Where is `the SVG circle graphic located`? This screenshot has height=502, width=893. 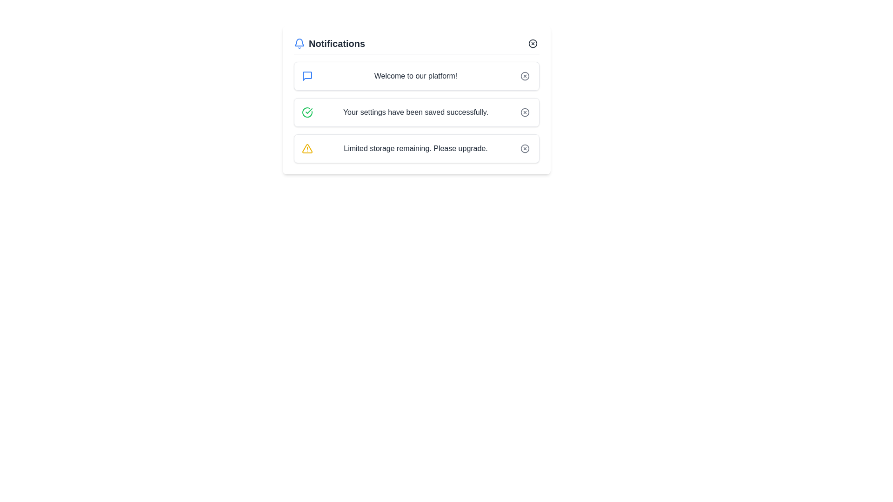
the SVG circle graphic located is located at coordinates (525, 112).